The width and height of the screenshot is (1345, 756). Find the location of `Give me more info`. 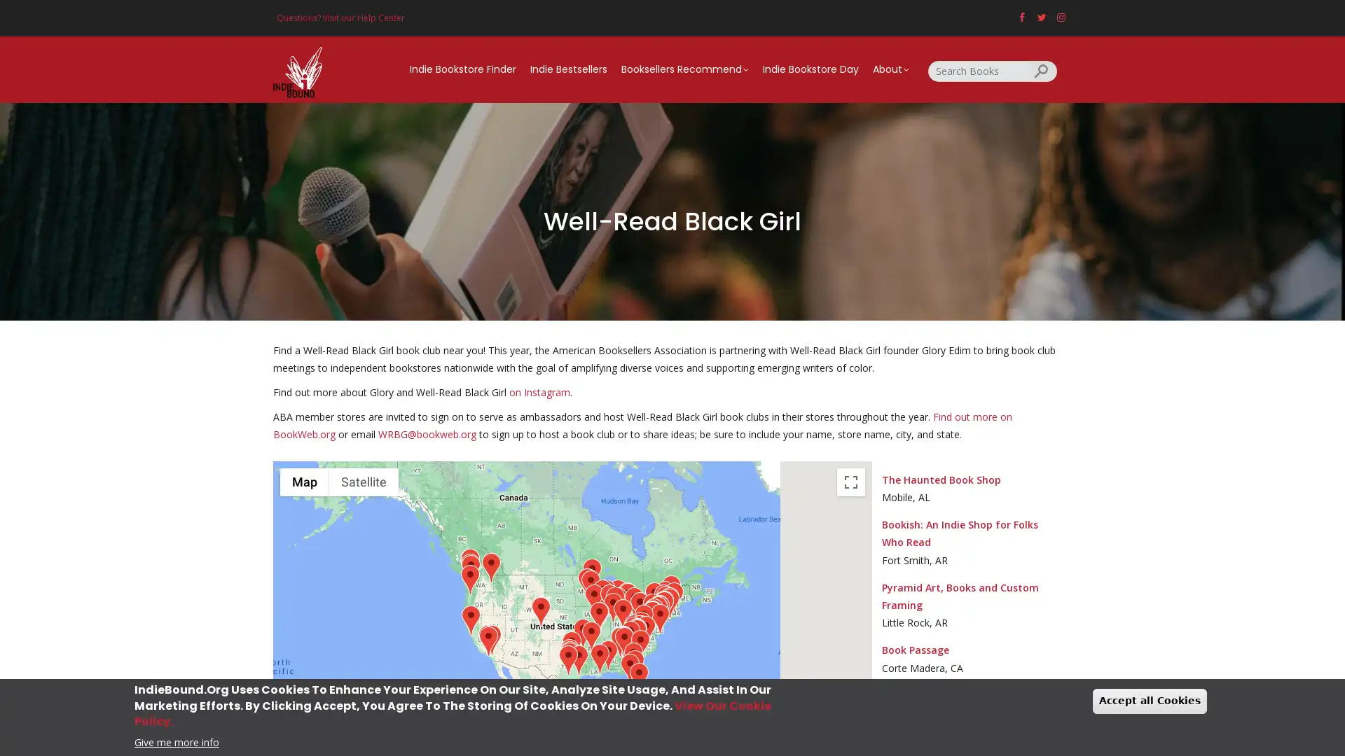

Give me more info is located at coordinates (176, 741).